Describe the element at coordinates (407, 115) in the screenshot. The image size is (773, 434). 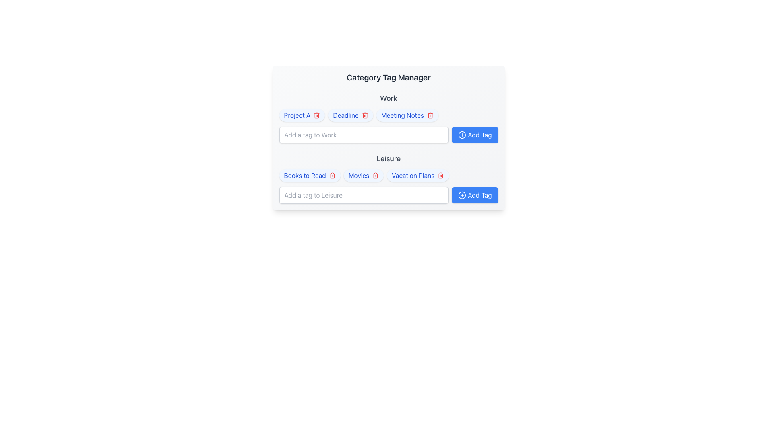
I see `the 'Meeting Notes' tag label, which is the third label in the horizontal list under the 'Work' category` at that location.